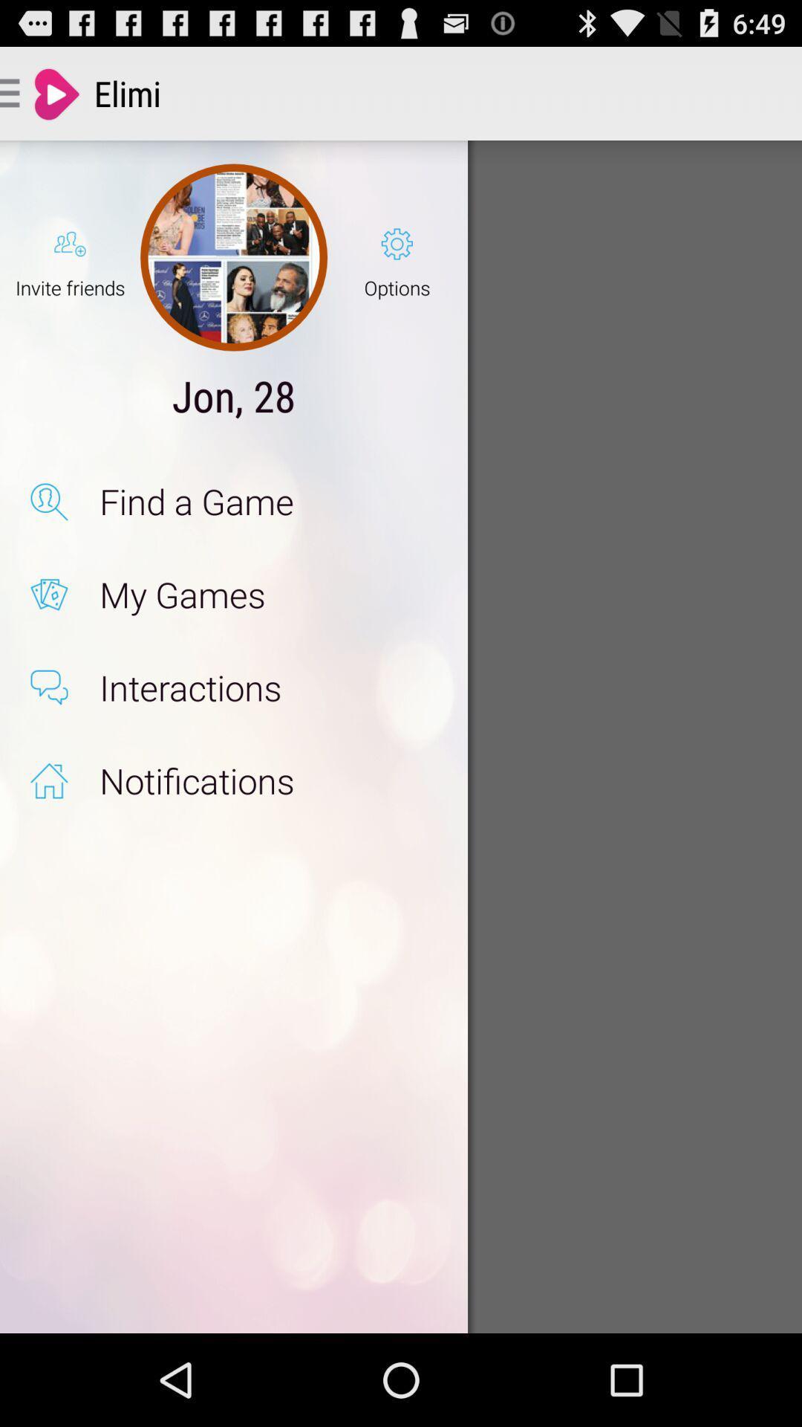 The image size is (802, 1427). What do you see at coordinates (268, 780) in the screenshot?
I see `notifications app` at bounding box center [268, 780].